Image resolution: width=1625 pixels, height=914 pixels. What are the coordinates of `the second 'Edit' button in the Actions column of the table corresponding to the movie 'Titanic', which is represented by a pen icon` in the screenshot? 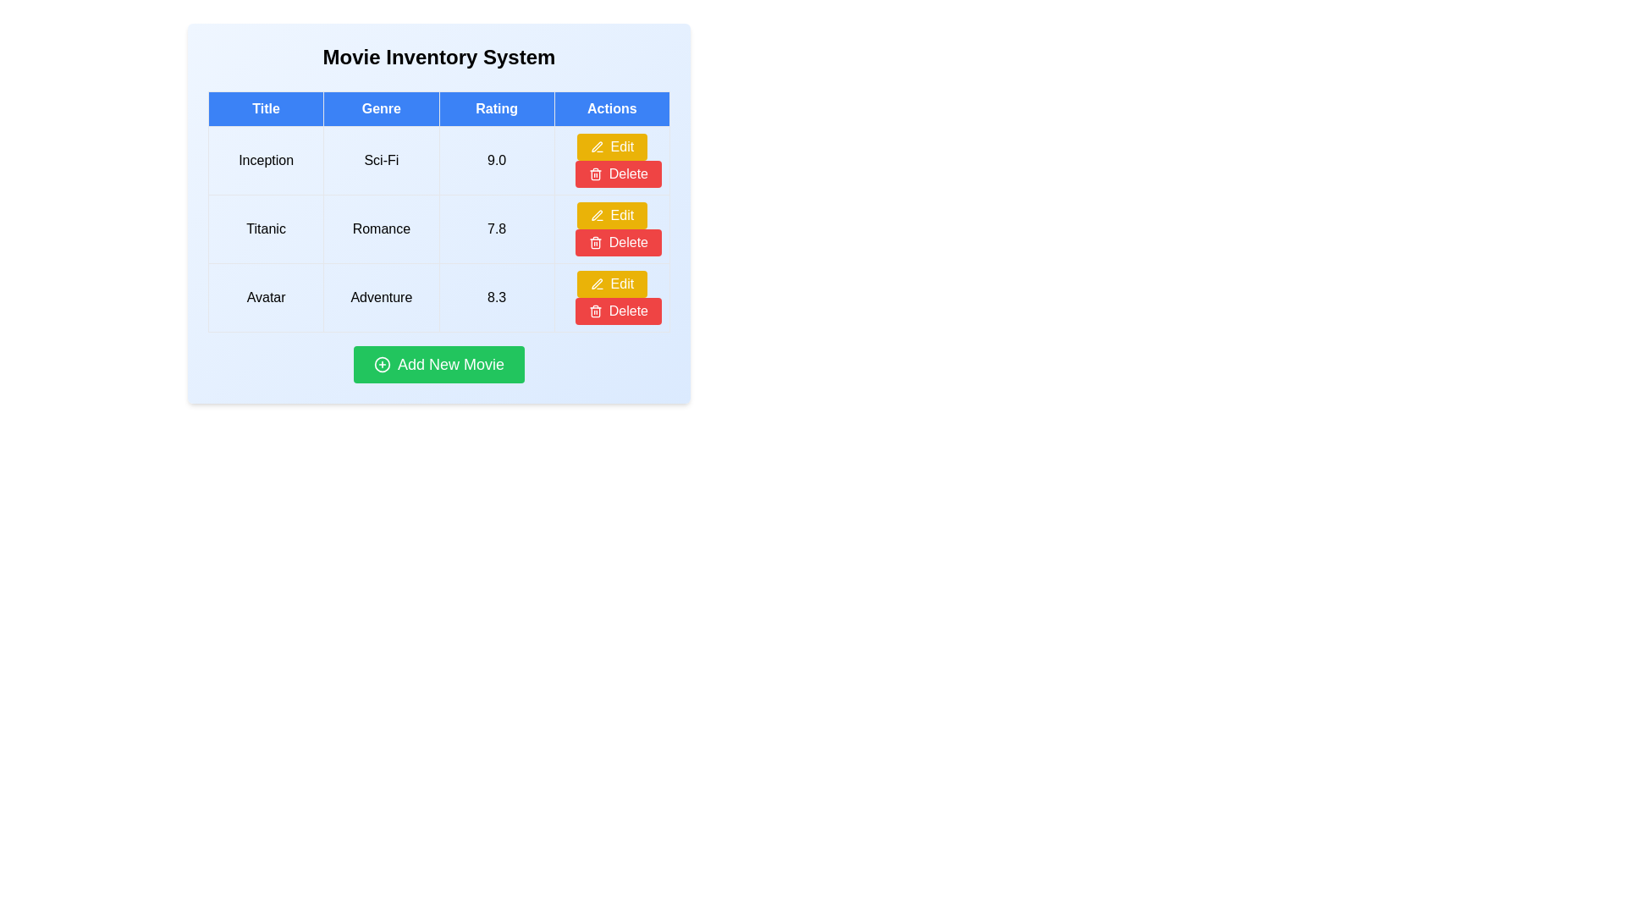 It's located at (597, 214).